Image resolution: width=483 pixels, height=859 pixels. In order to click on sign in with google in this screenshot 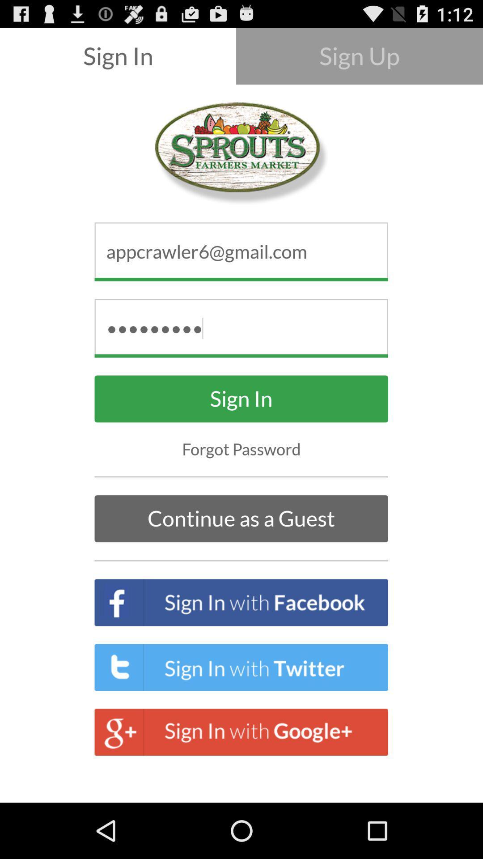, I will do `click(241, 732)`.